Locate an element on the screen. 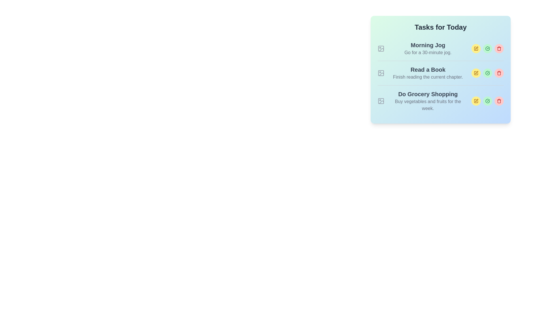  the first button in the row of three, located next to the 'Morning Jog' text is located at coordinates (476, 48).